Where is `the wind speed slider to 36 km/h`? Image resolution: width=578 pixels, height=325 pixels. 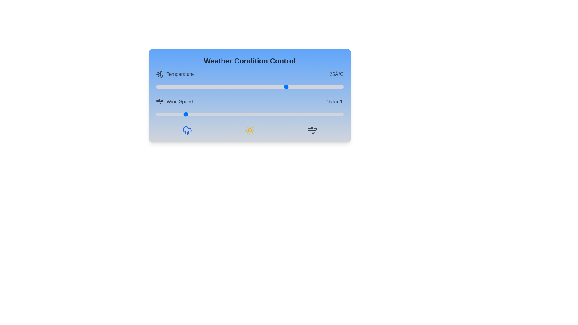
the wind speed slider to 36 km/h is located at coordinates (223, 114).